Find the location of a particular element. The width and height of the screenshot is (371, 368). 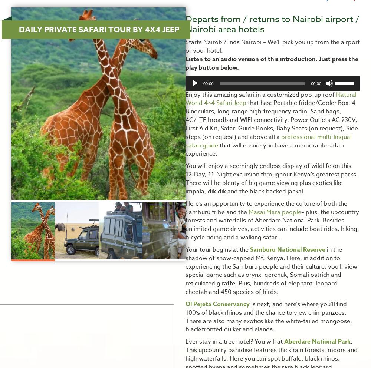

'Just press the play button below.' is located at coordinates (272, 63).